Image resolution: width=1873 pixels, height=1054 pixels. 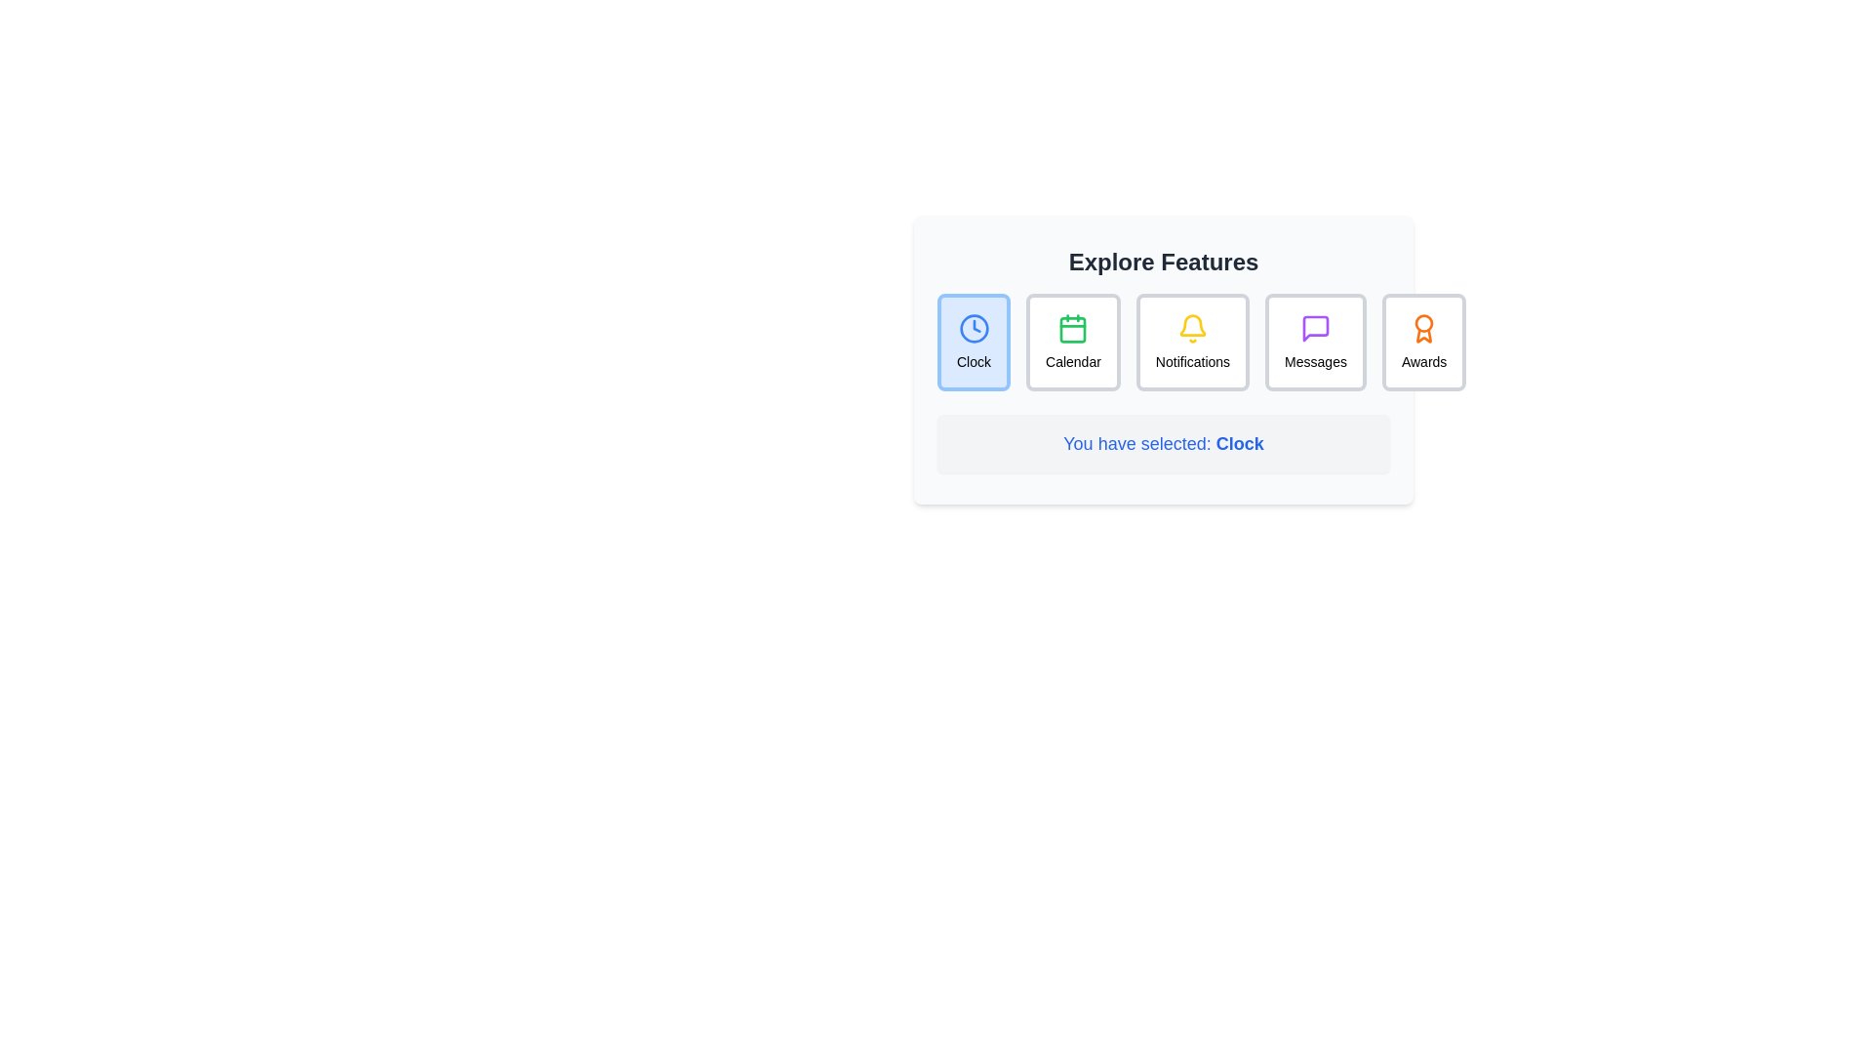 What do you see at coordinates (1164, 360) in the screenshot?
I see `the button within the 'Explore Features' card` at bounding box center [1164, 360].